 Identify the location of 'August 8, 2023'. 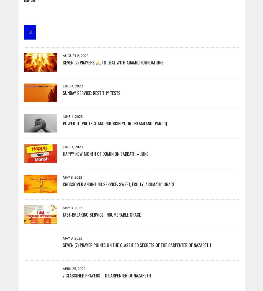
(75, 55).